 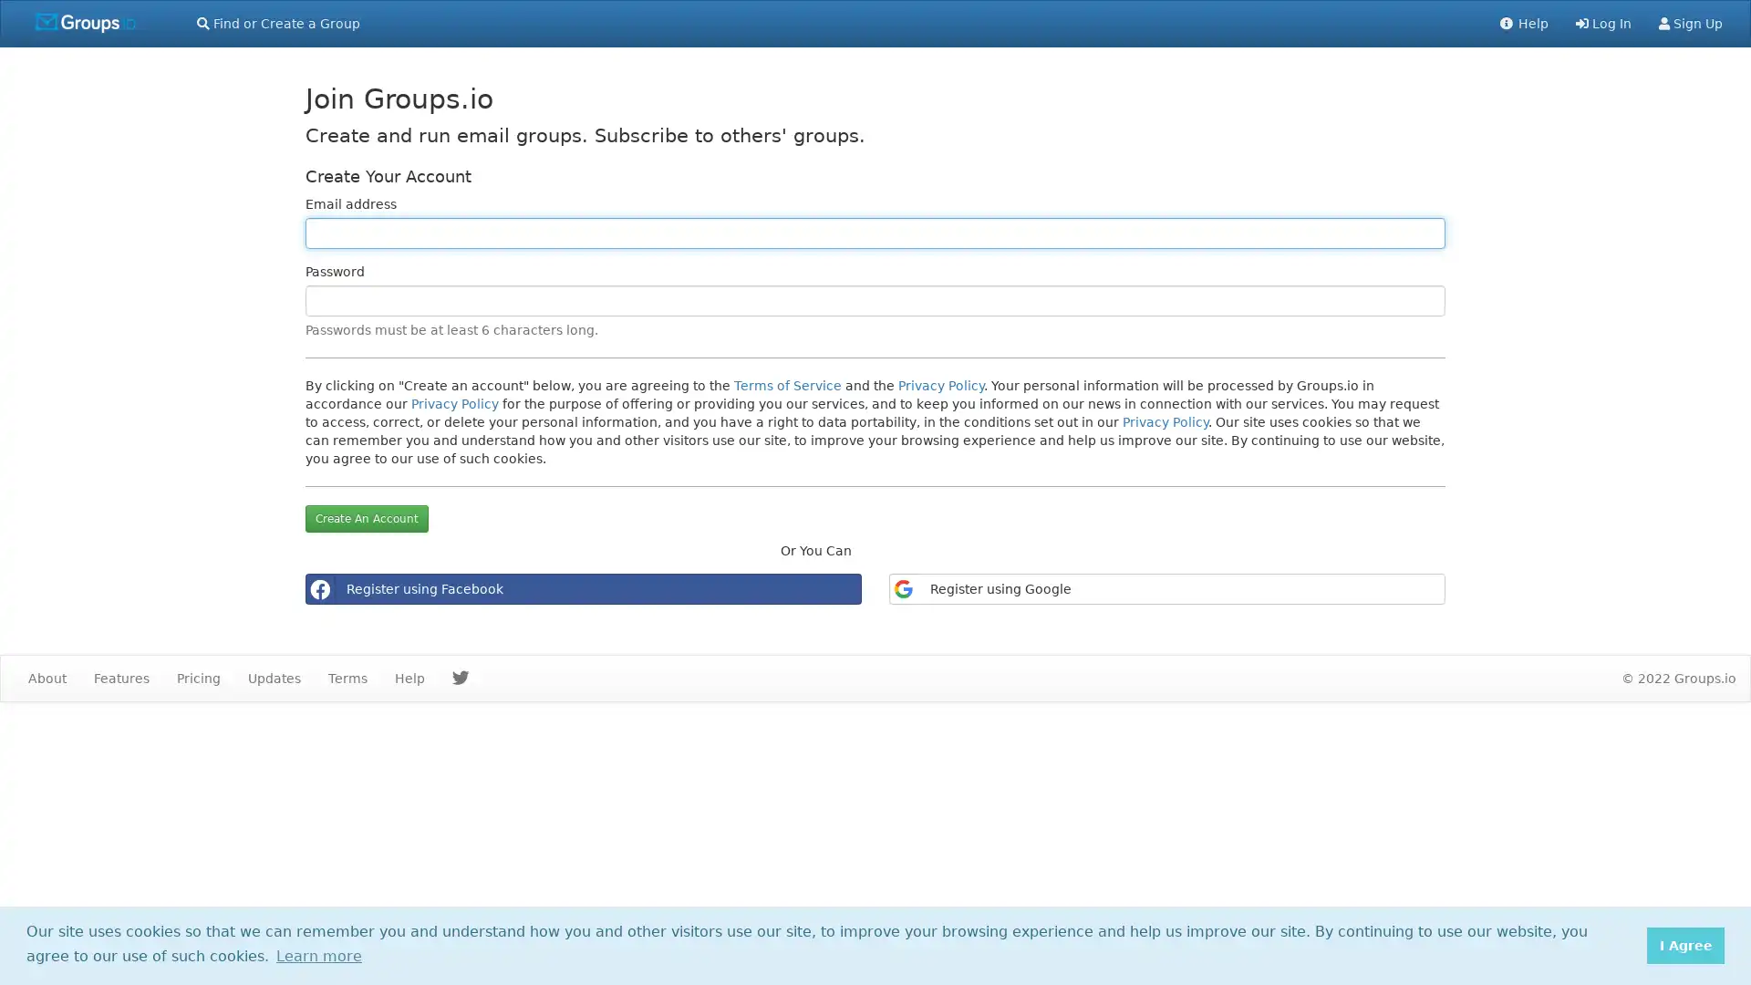 I want to click on dismiss cookie message, so click(x=1684, y=944).